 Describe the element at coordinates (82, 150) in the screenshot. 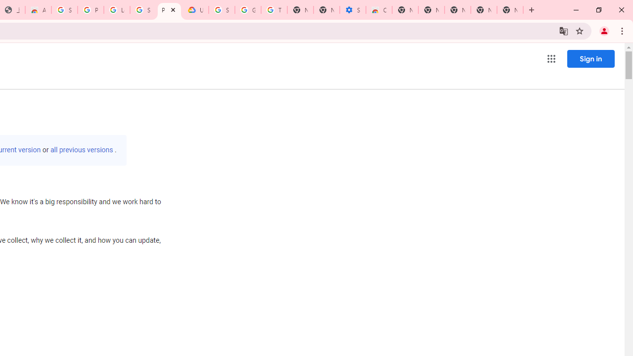

I see `'all previous versions'` at that location.